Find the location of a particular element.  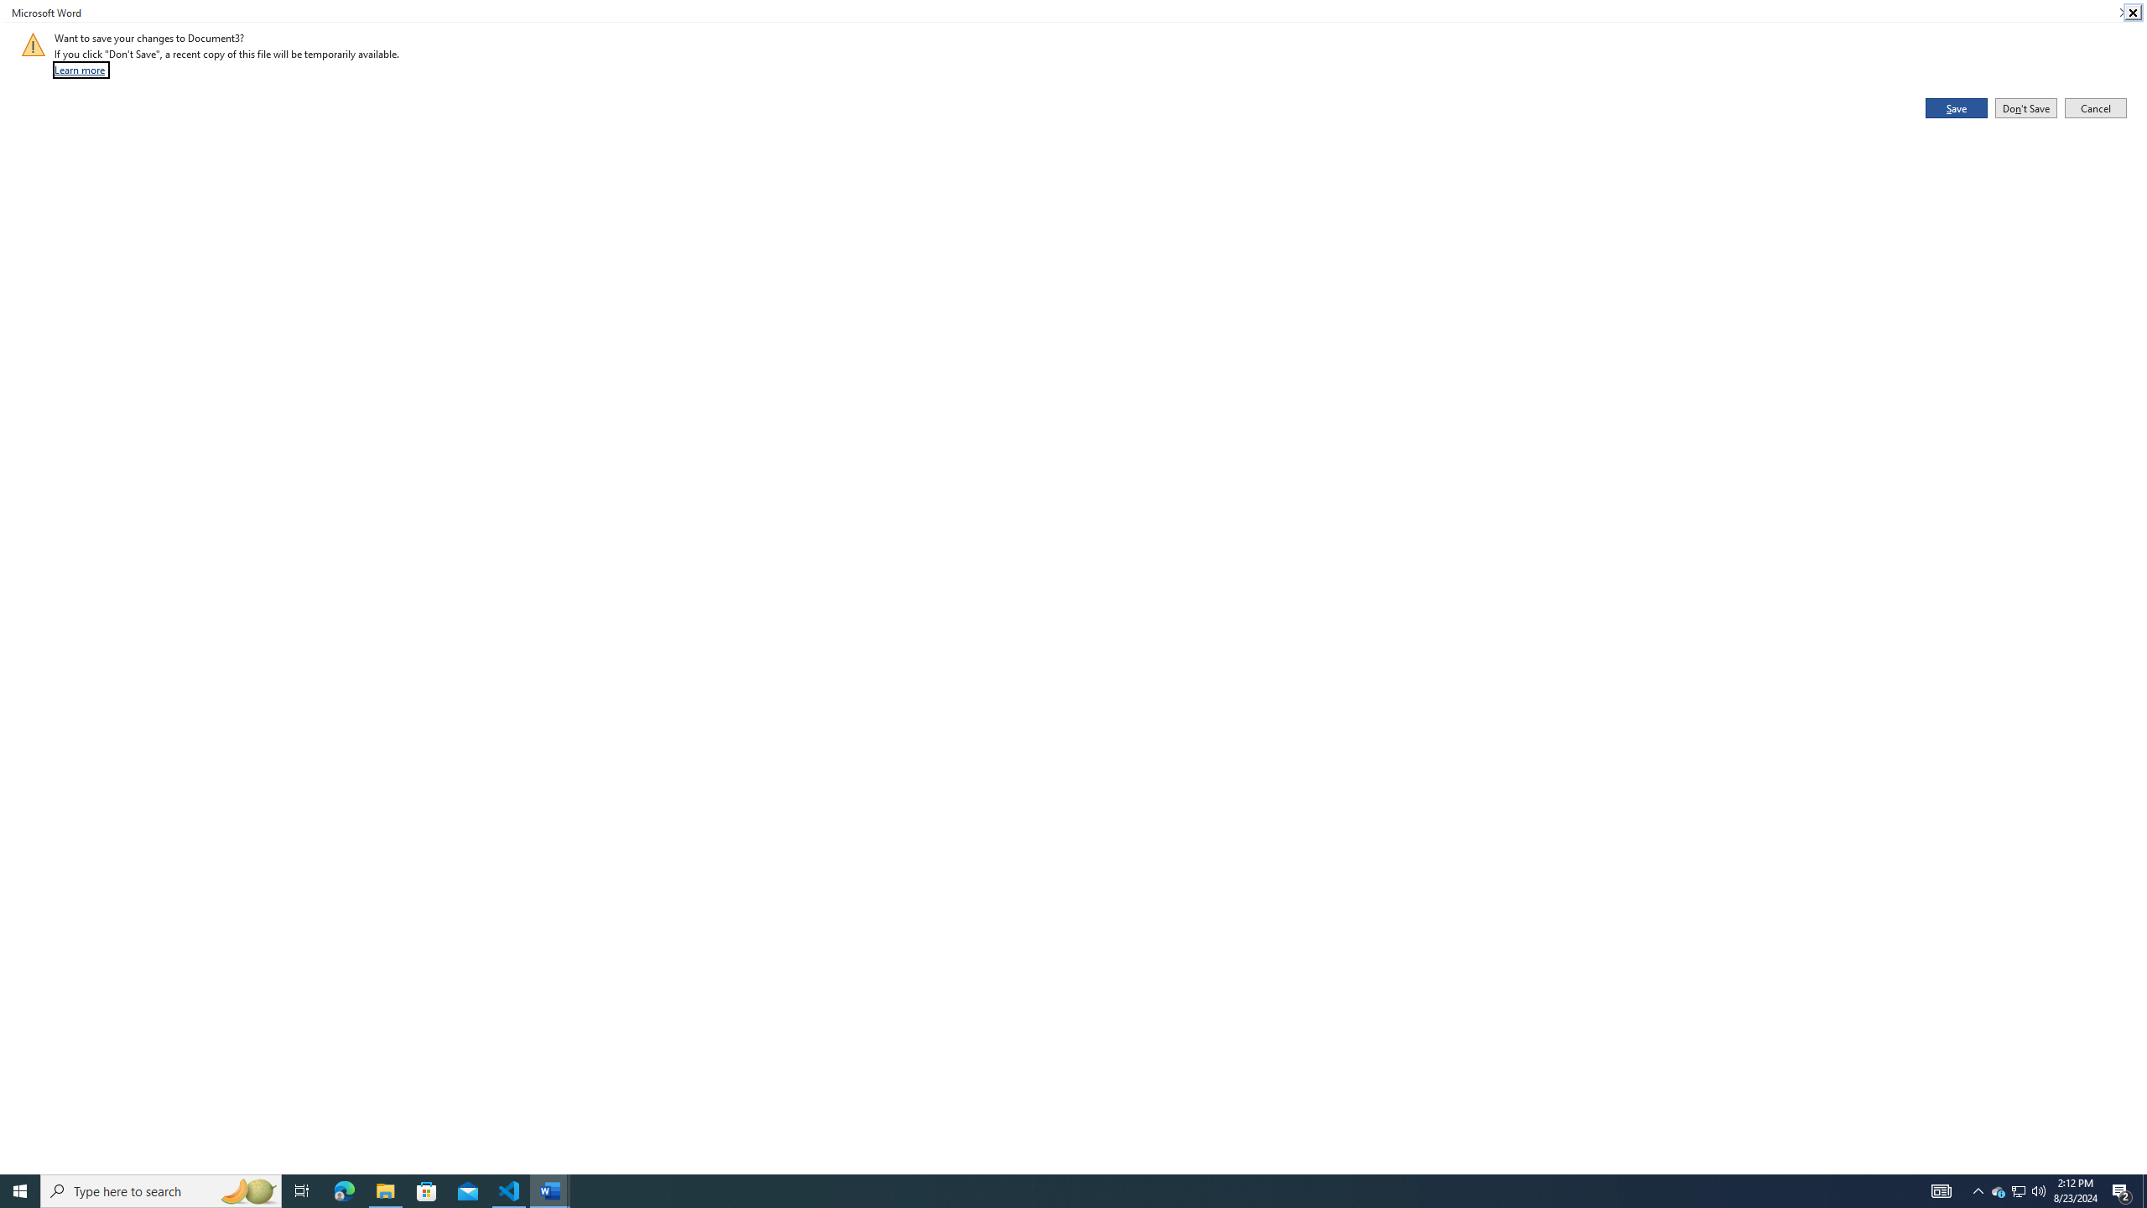

'Don' is located at coordinates (2025, 107).